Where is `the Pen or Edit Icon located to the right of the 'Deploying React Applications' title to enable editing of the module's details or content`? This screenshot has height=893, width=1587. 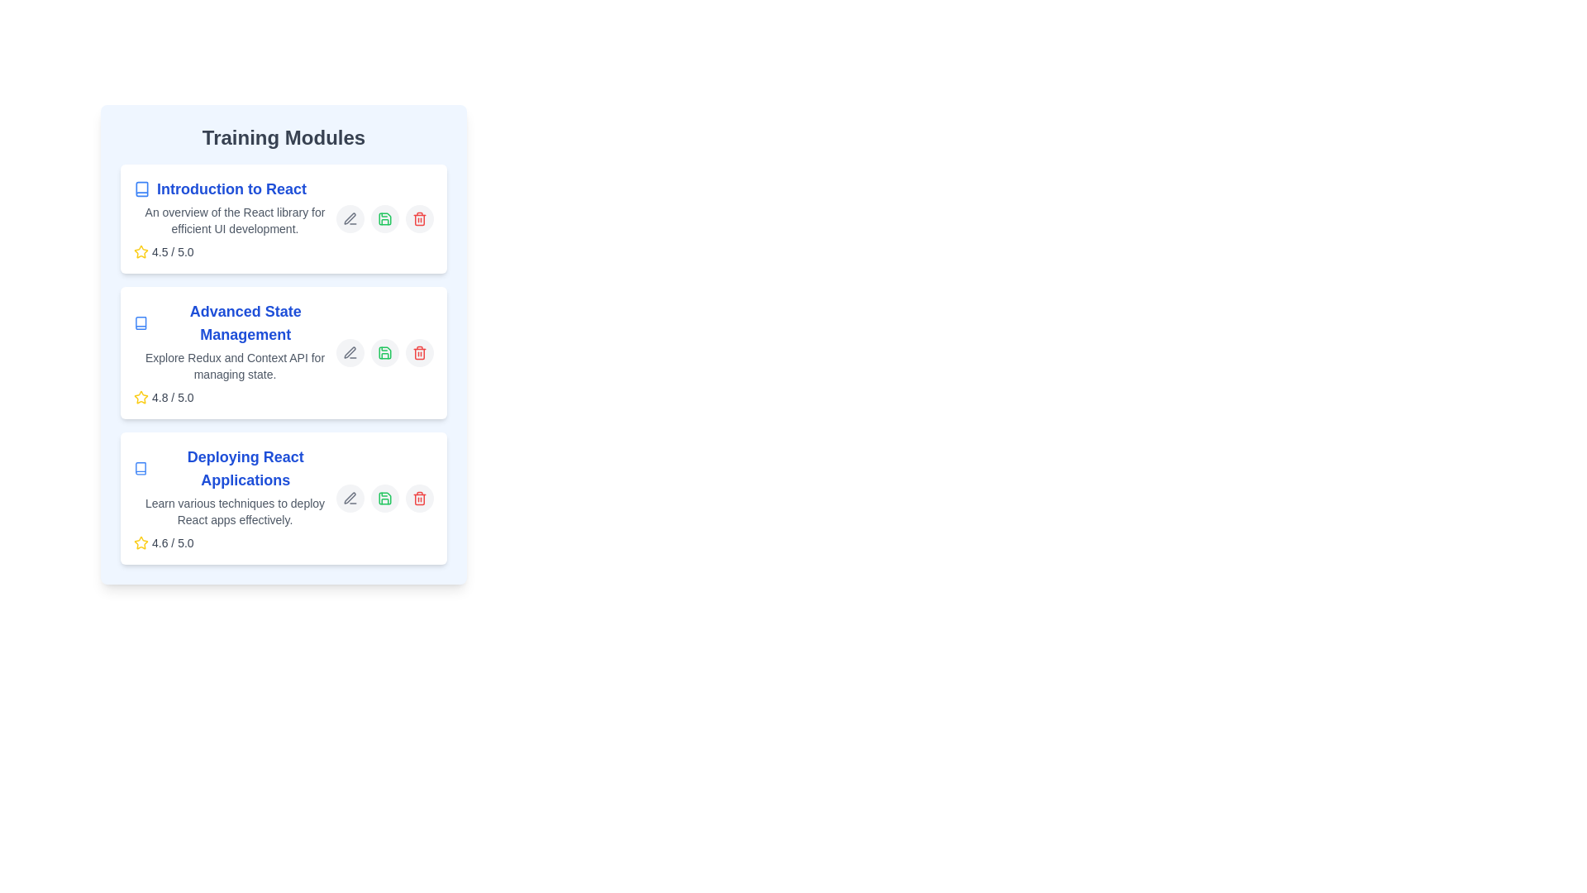
the Pen or Edit Icon located to the right of the 'Deploying React Applications' title to enable editing of the module's details or content is located at coordinates (349, 497).